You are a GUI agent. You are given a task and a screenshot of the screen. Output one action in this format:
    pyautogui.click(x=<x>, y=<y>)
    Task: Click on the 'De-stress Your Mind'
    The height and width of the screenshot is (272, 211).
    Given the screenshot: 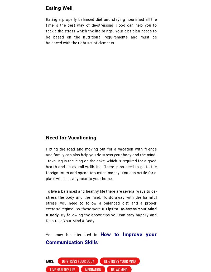 What is the action you would take?
    pyautogui.click(x=119, y=261)
    